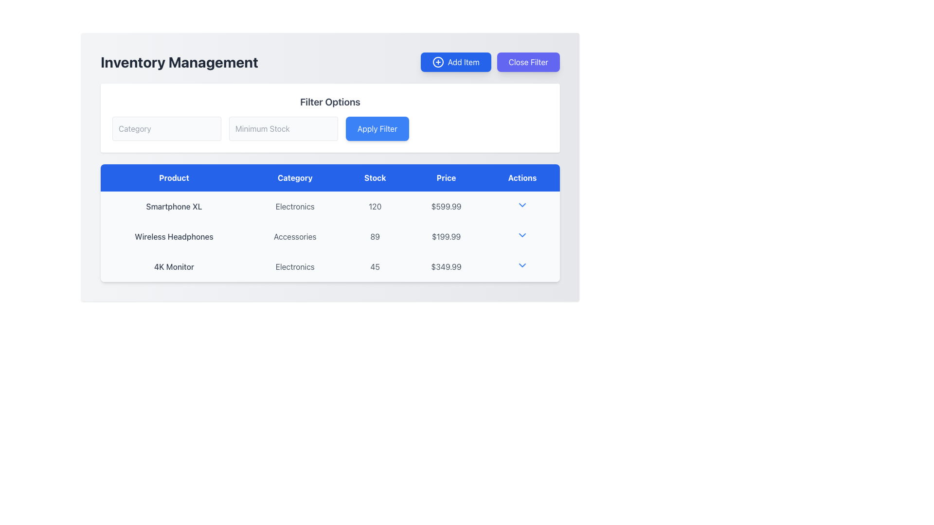  What do you see at coordinates (437, 62) in the screenshot?
I see `the 'Add Item' button by clicking on the centered icon element, which is a circular icon with a '+' symbol inside` at bounding box center [437, 62].